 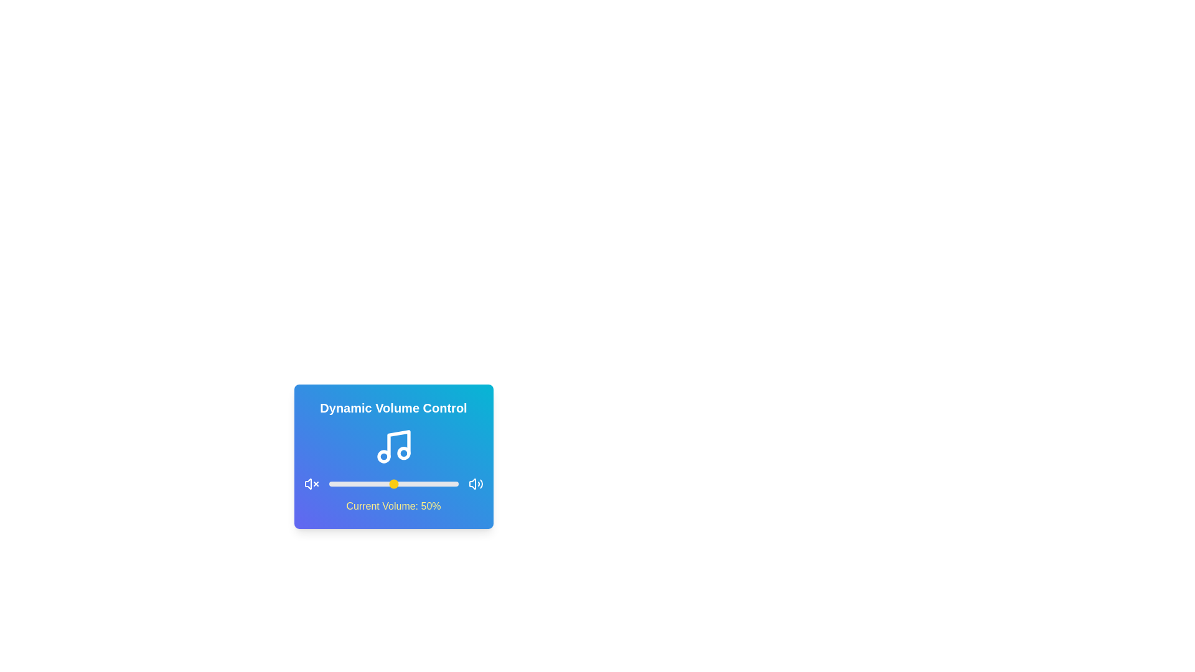 What do you see at coordinates (331, 483) in the screenshot?
I see `the volume to 2% by adjusting the slider` at bounding box center [331, 483].